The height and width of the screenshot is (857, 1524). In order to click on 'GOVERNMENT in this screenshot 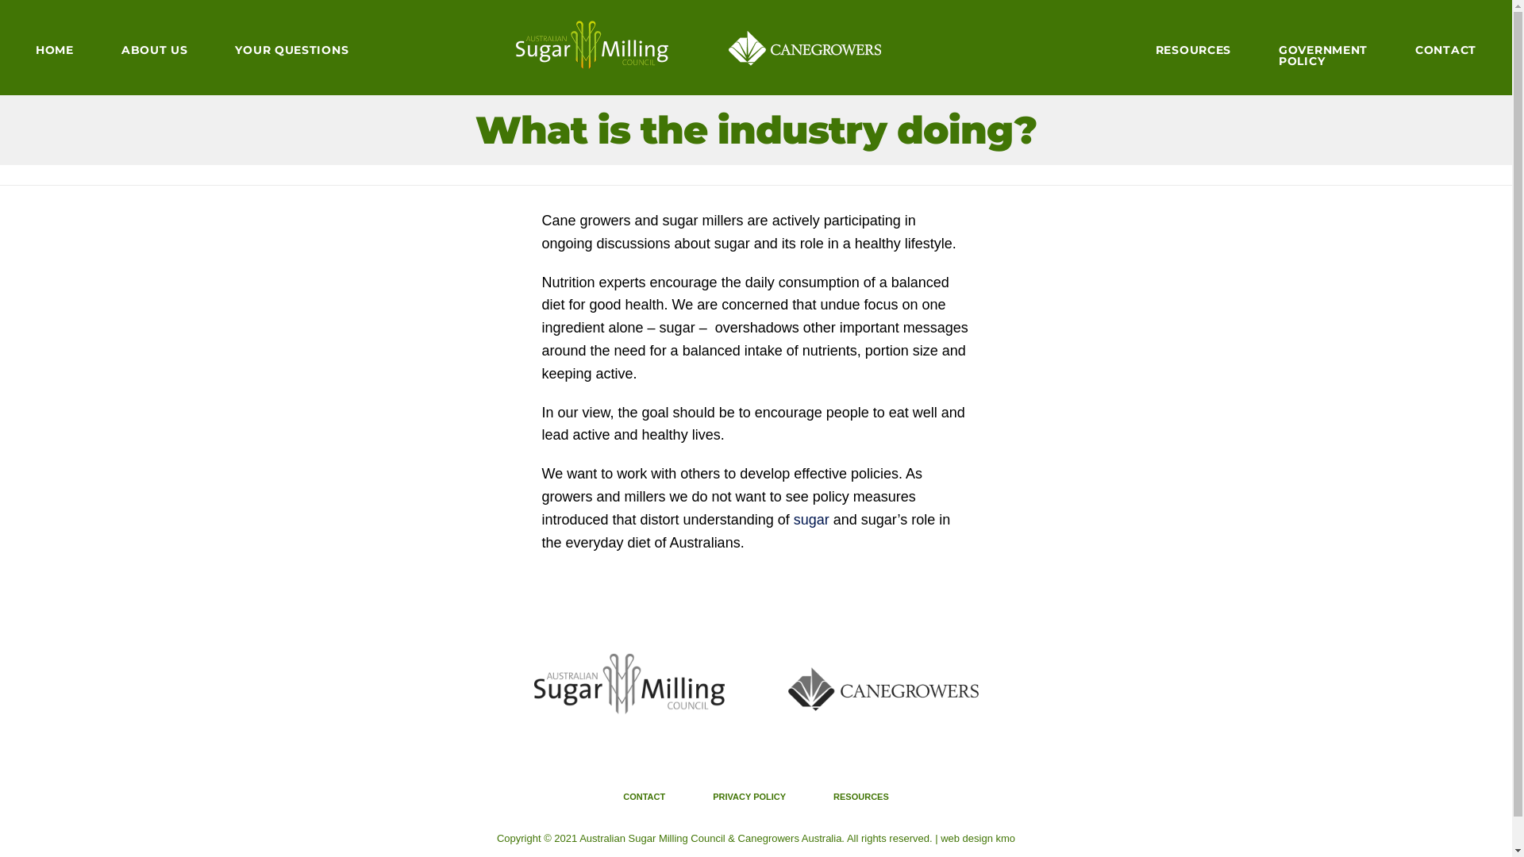, I will do `click(1322, 52)`.